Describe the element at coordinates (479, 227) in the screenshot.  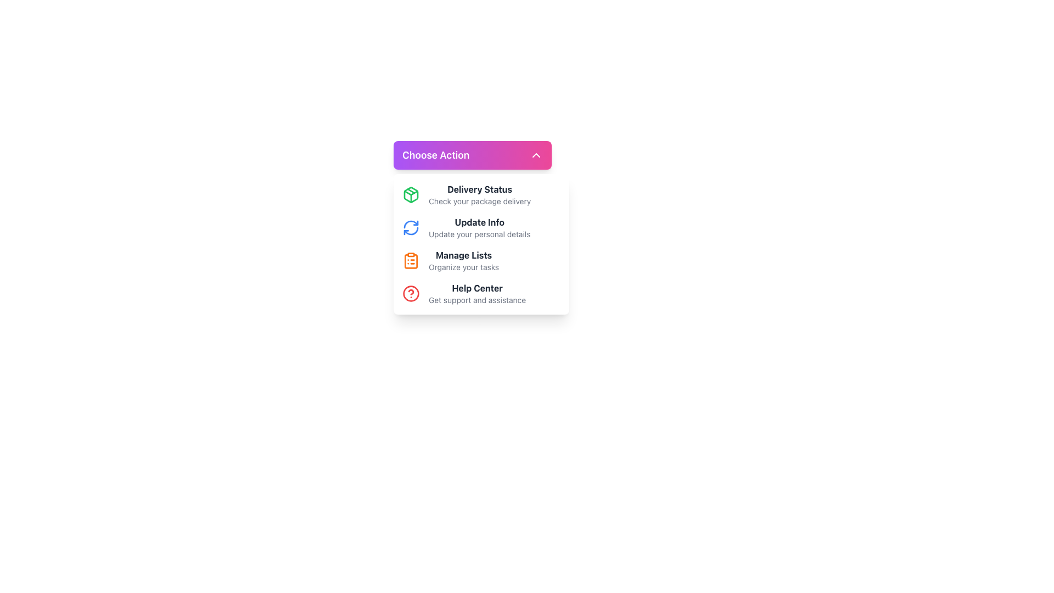
I see `the 'Update Info' list item, which is the second option in the card-like menu under 'Choose Action'` at that location.